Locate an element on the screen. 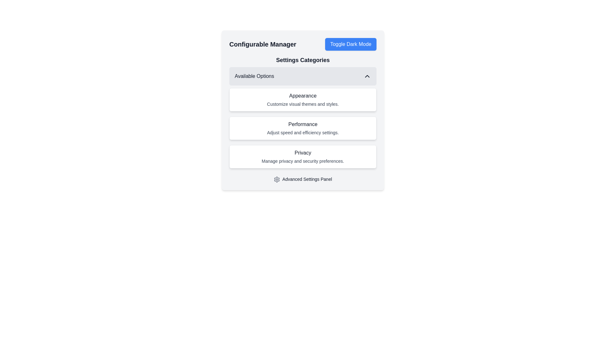  the List Item displaying 'Appearance' is located at coordinates (303, 110).